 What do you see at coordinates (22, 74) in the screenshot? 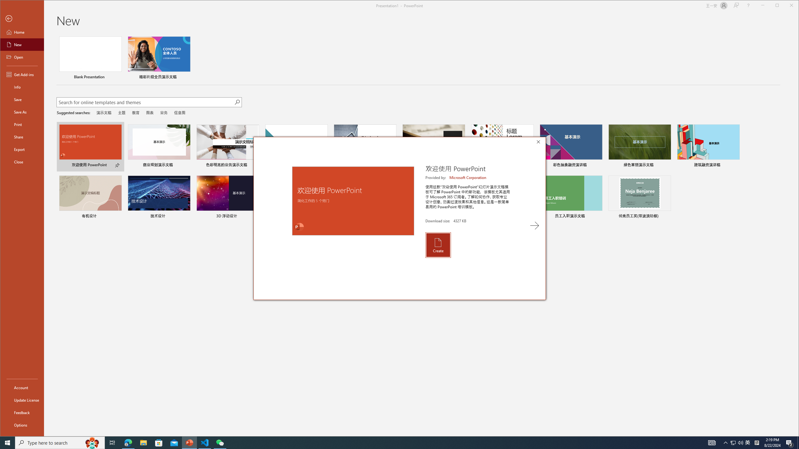
I see `'Get Add-ins'` at bounding box center [22, 74].